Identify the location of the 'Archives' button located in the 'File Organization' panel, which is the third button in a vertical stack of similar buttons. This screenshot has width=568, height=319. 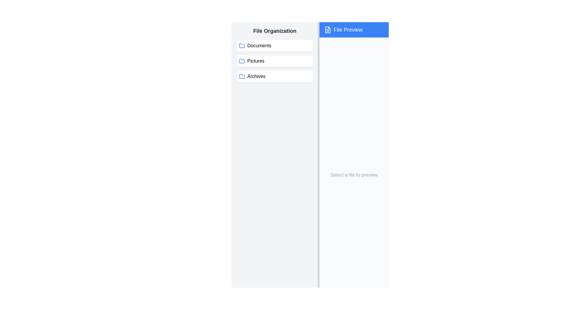
(275, 76).